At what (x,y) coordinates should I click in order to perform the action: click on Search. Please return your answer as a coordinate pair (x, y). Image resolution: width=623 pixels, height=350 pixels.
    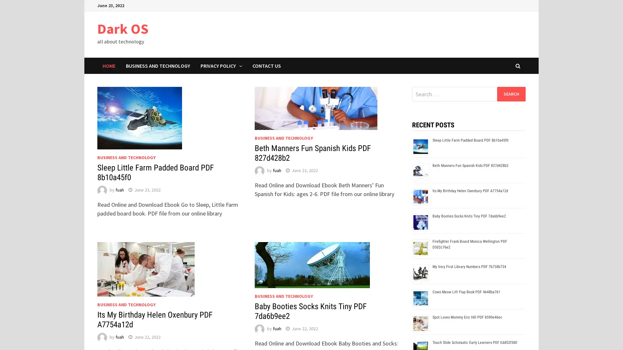
    Looking at the image, I should click on (511, 94).